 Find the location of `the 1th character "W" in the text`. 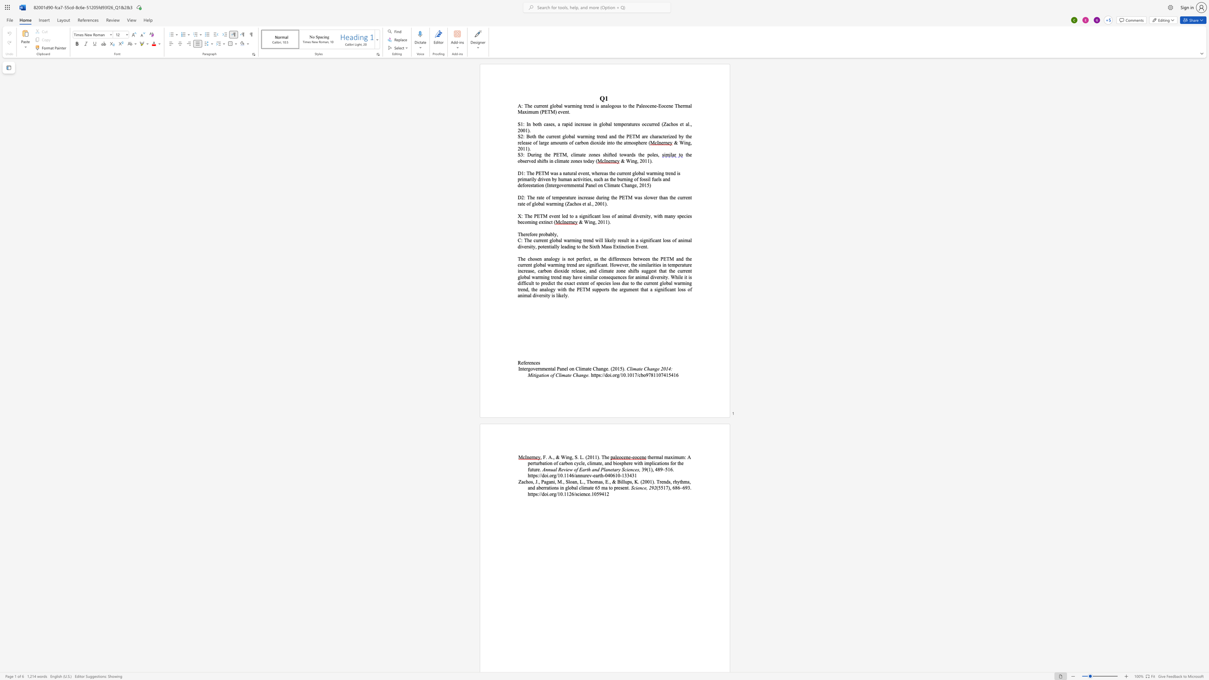

the 1th character "W" in the text is located at coordinates (586, 222).